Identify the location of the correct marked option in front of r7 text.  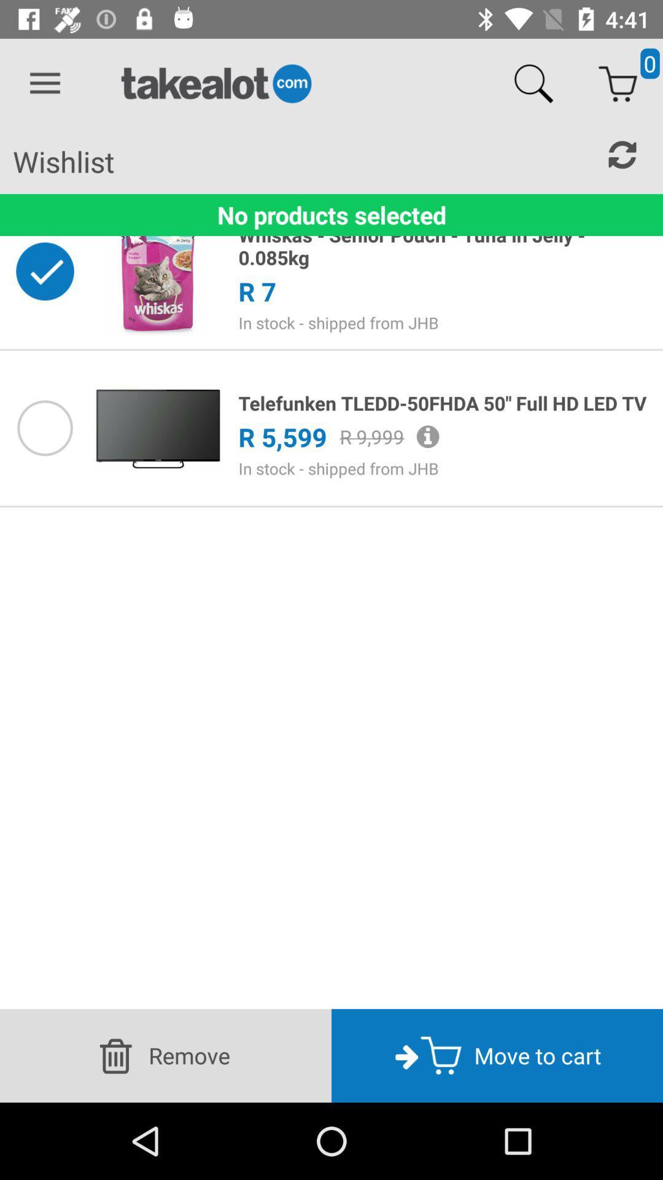
(44, 270).